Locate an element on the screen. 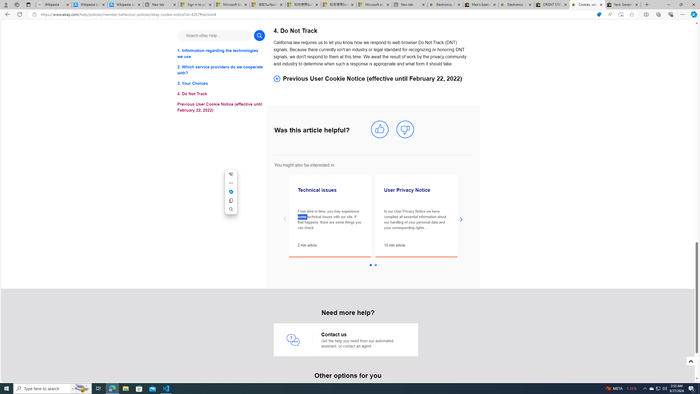 The image size is (700, 394). 'Copy' is located at coordinates (231, 200).